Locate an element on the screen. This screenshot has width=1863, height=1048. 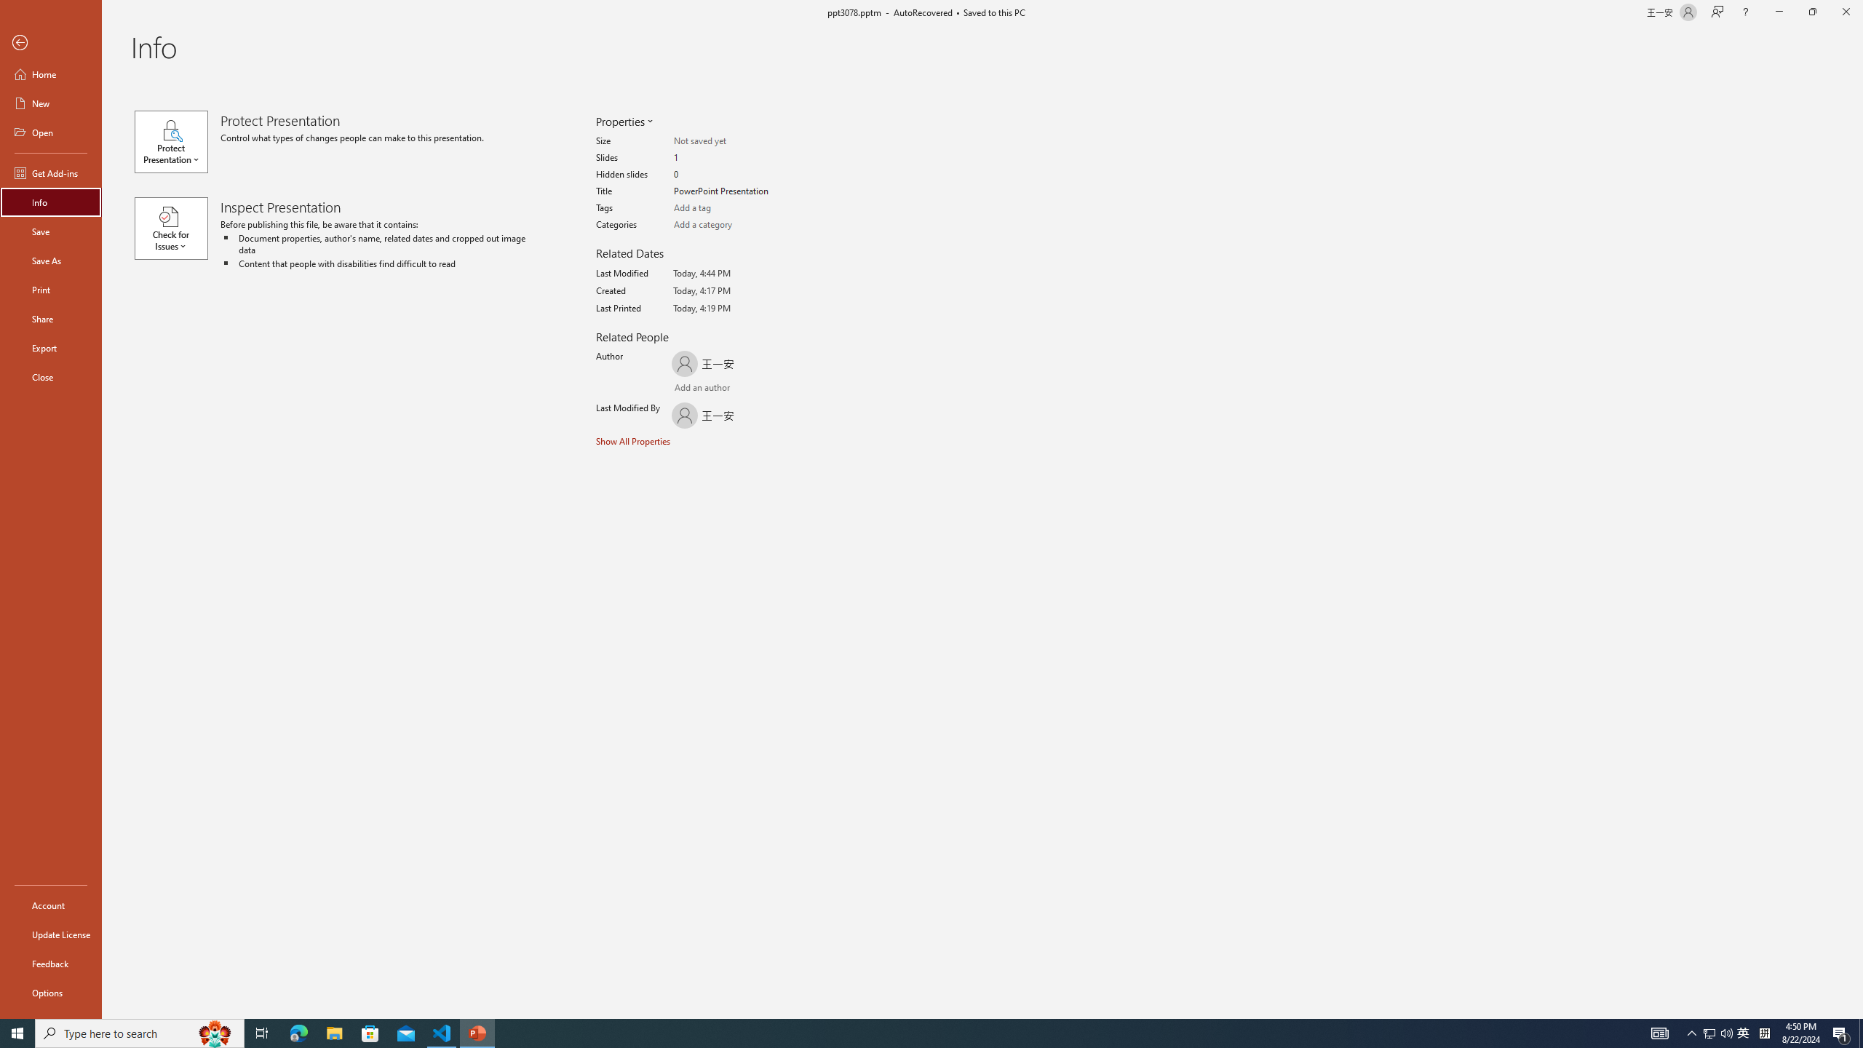
'Size' is located at coordinates (730, 141).